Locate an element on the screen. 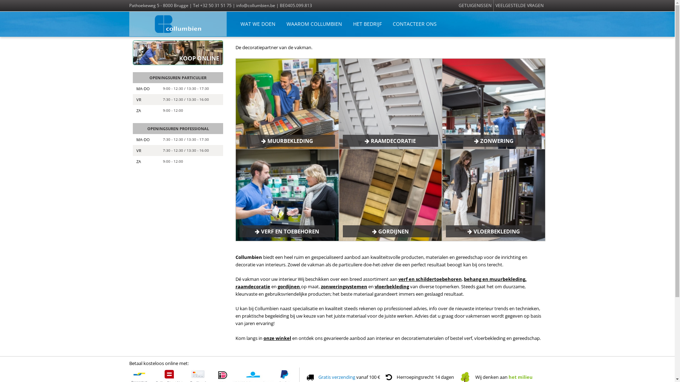 The image size is (680, 382). 'WAAROM COLLUMBIEN' is located at coordinates (314, 24).